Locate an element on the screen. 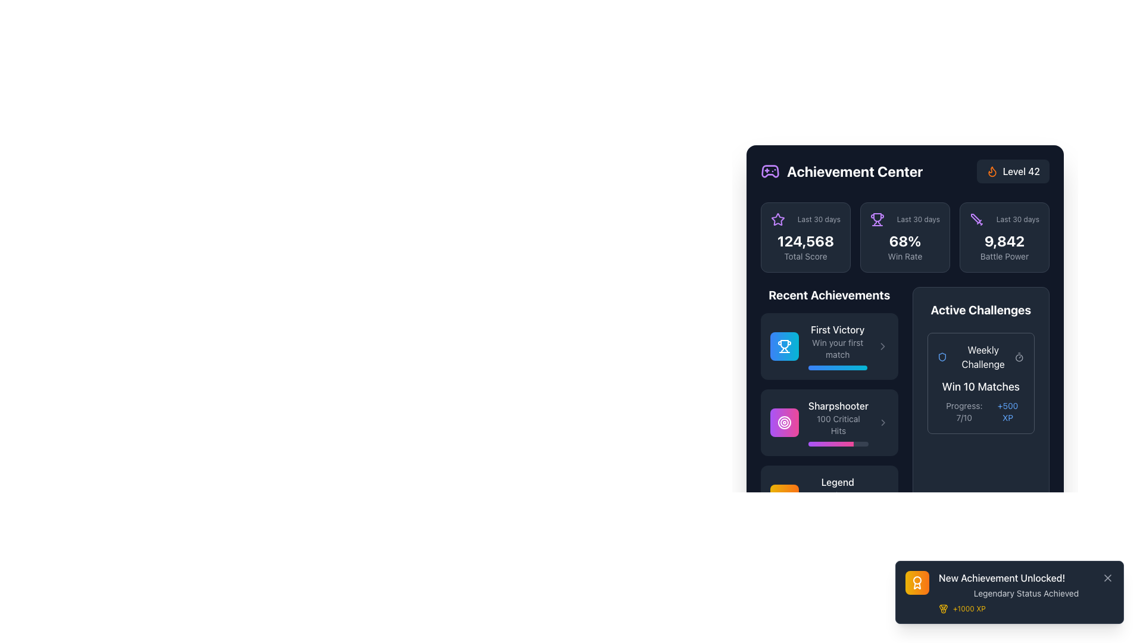 This screenshot has height=643, width=1143. the orange flame-shaped icon located to the left of the text 'Level 42' in the dark rectangular background of the 'Achievement Center' UI section is located at coordinates (992, 171).